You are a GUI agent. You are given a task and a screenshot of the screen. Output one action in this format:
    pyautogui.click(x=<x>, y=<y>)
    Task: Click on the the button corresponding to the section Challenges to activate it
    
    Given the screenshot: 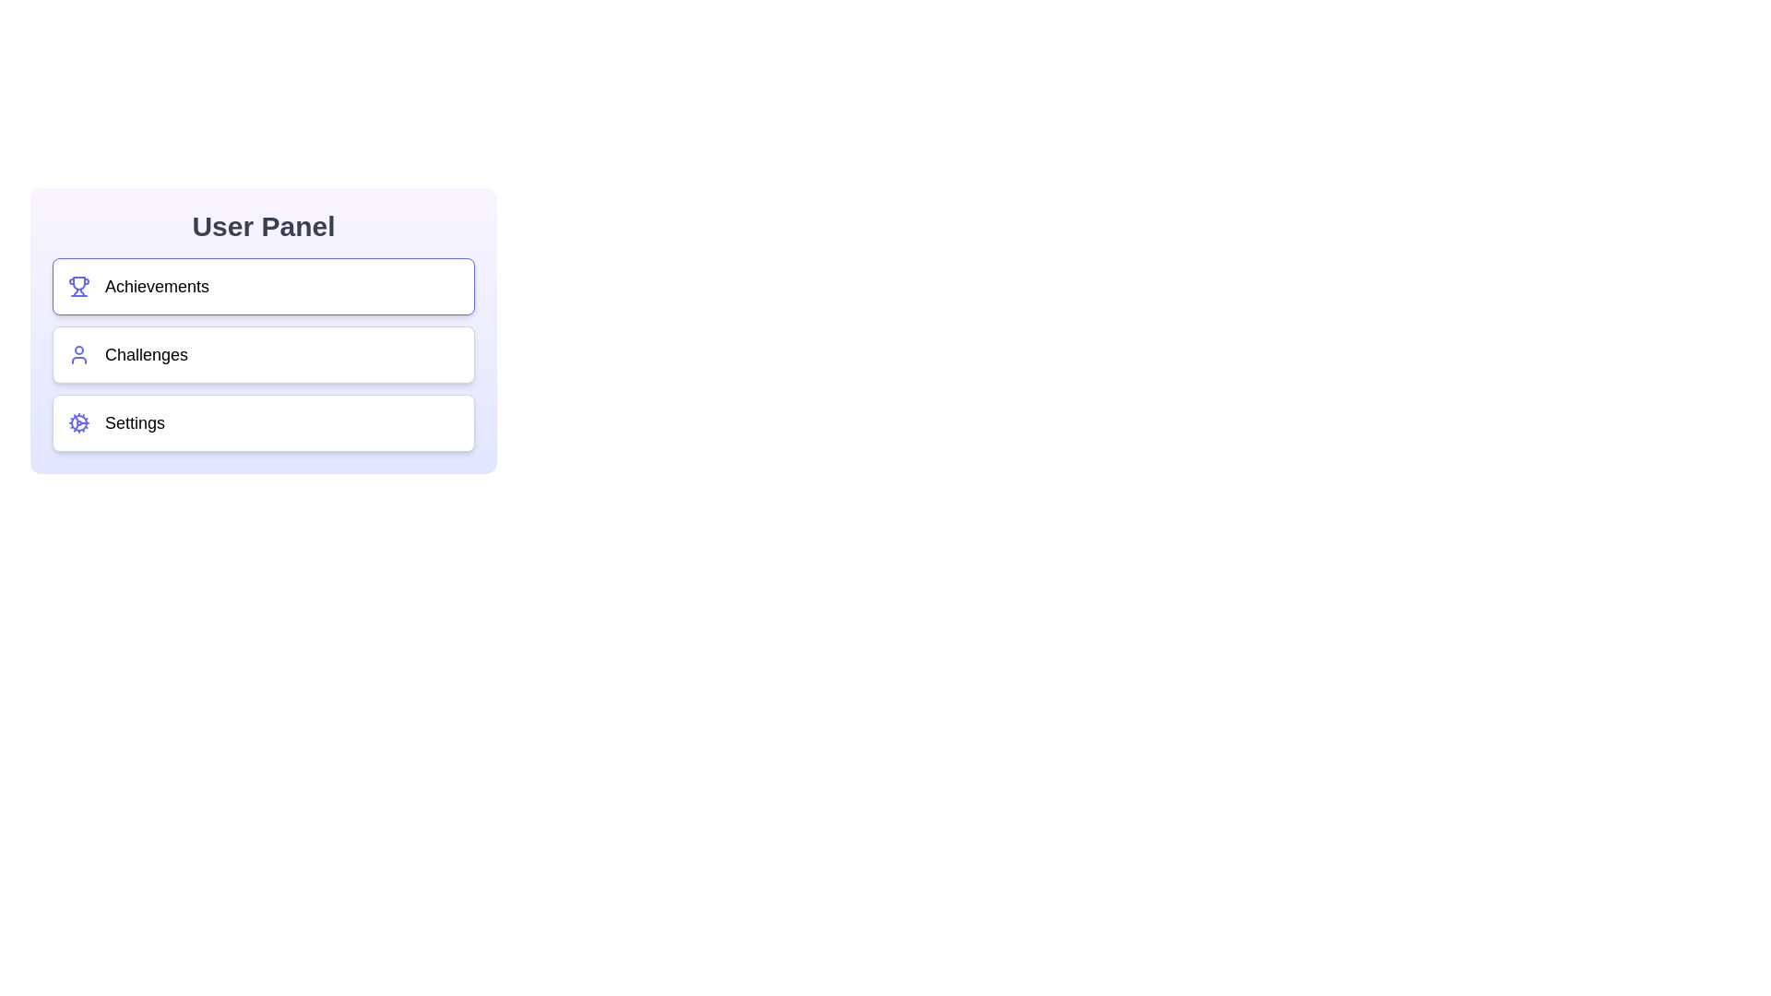 What is the action you would take?
    pyautogui.click(x=281, y=355)
    